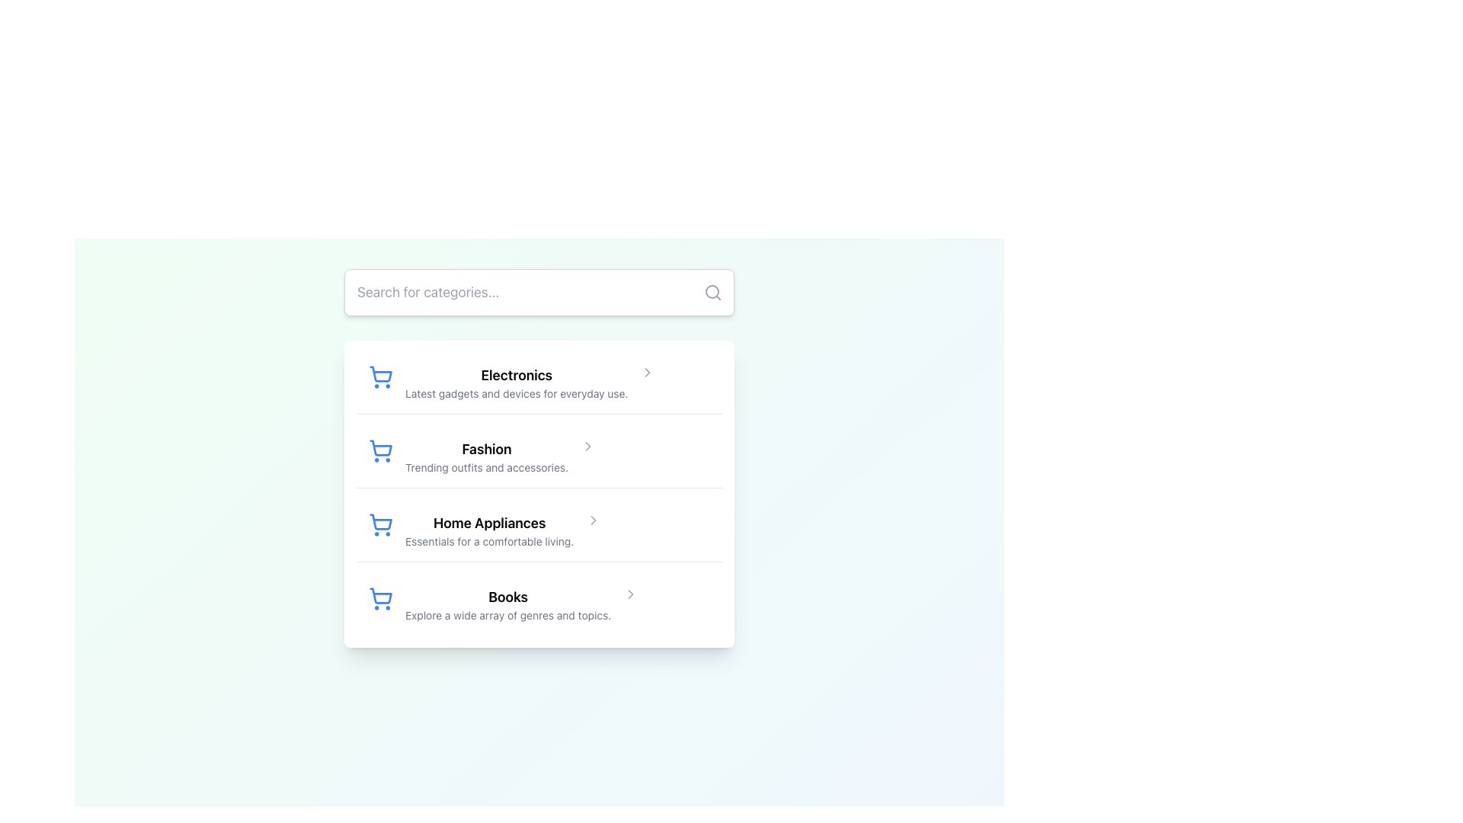 Image resolution: width=1463 pixels, height=823 pixels. What do you see at coordinates (380, 524) in the screenshot?
I see `the shopping cart icon, which is blue and has rounded edges, located on the left side of the 'Home Appliances' entry in the vertical category list` at bounding box center [380, 524].